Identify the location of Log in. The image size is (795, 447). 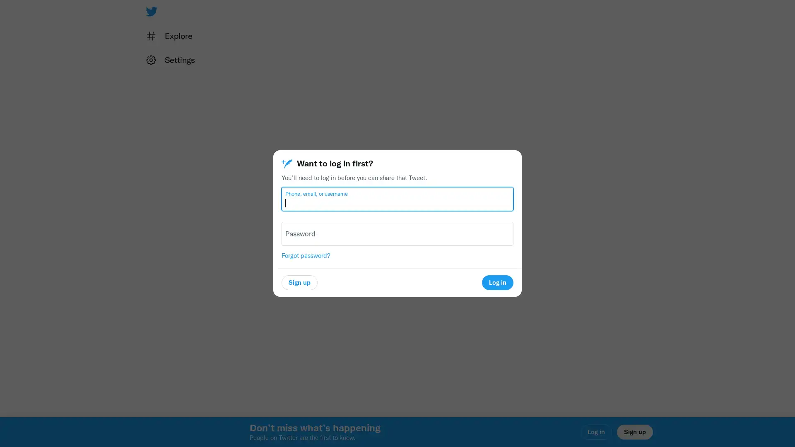
(497, 282).